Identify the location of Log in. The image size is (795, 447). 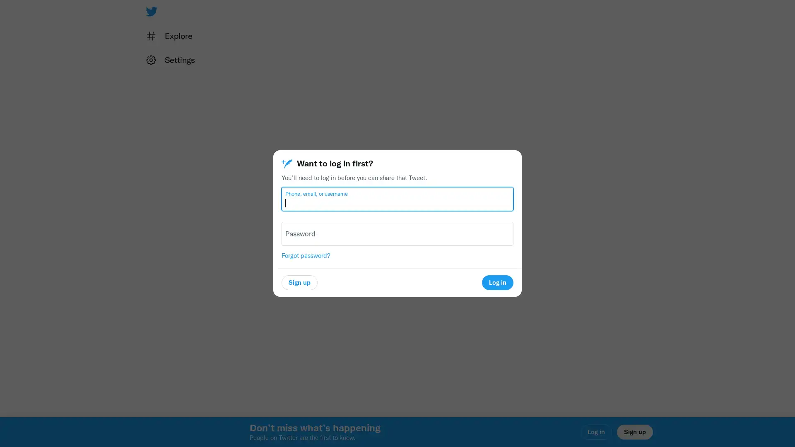
(497, 282).